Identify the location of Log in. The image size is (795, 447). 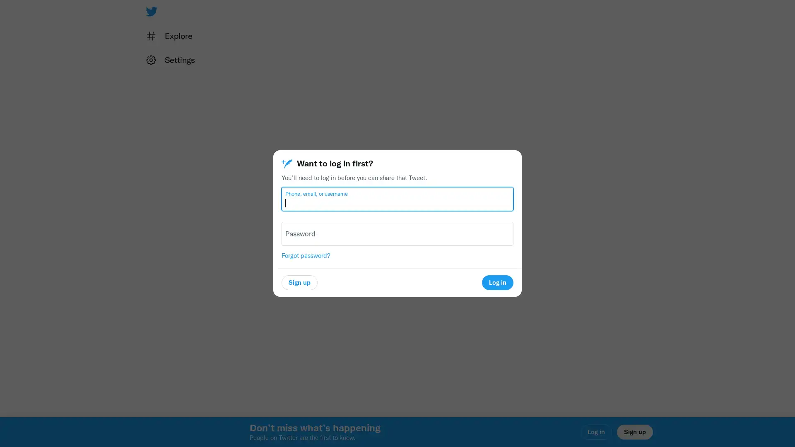
(497, 282).